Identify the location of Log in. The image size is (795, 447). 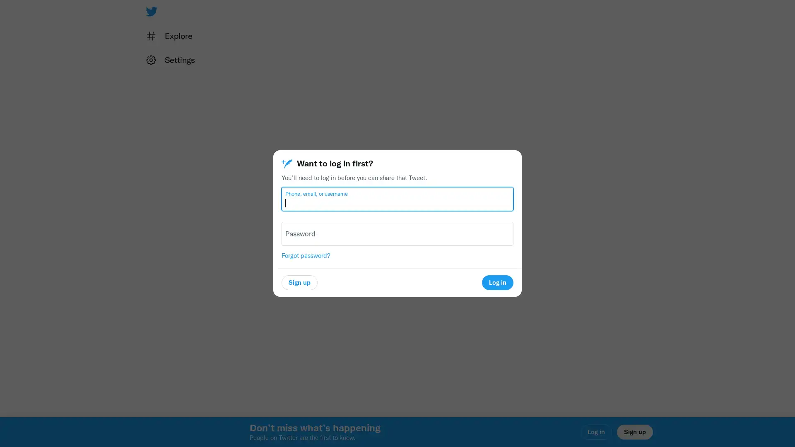
(497, 282).